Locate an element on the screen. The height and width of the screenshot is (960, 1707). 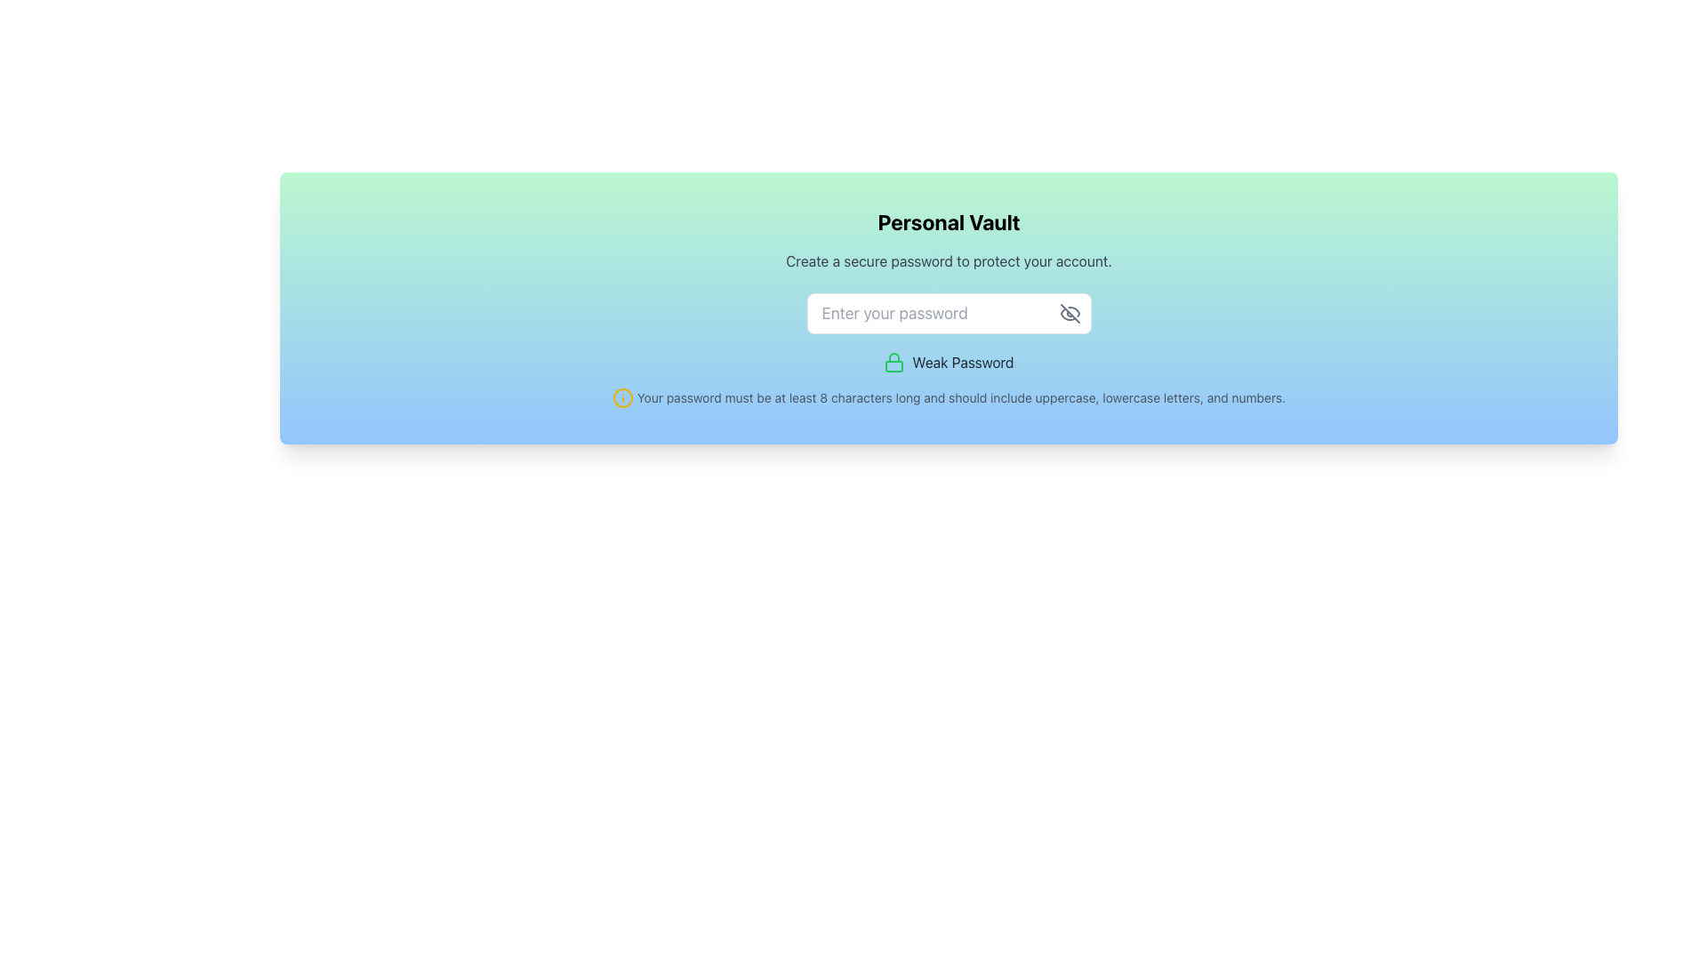
the text block displaying the warning message about password requirements, which is styled in a smaller gray font and accompanied by a yellow info icon is located at coordinates (948, 396).